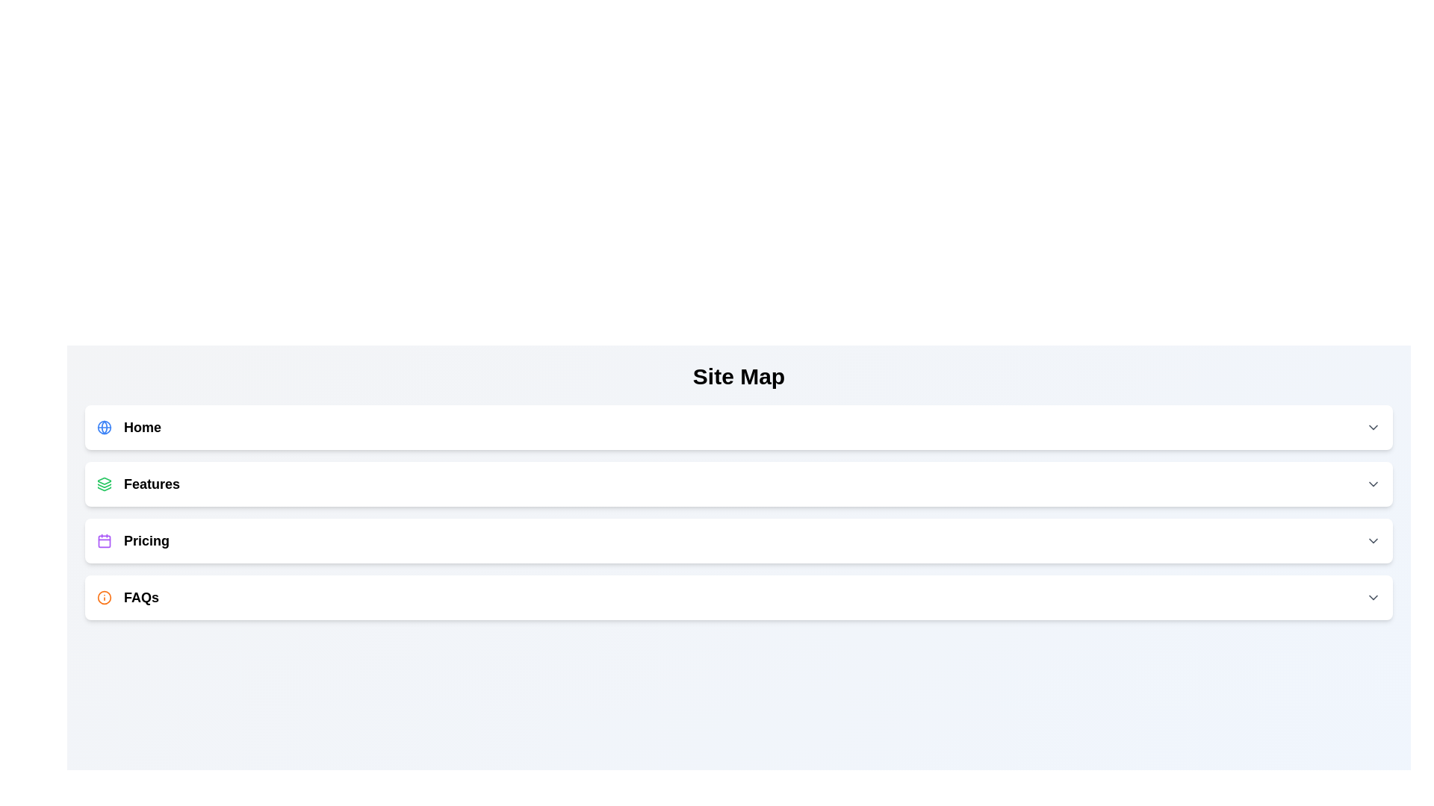 The width and height of the screenshot is (1434, 806). What do you see at coordinates (146, 541) in the screenshot?
I see `text label that displays 'Pricing', which is a bold and prominent label in the navigation menu, positioned below 'Features' and above 'FAQs'` at bounding box center [146, 541].